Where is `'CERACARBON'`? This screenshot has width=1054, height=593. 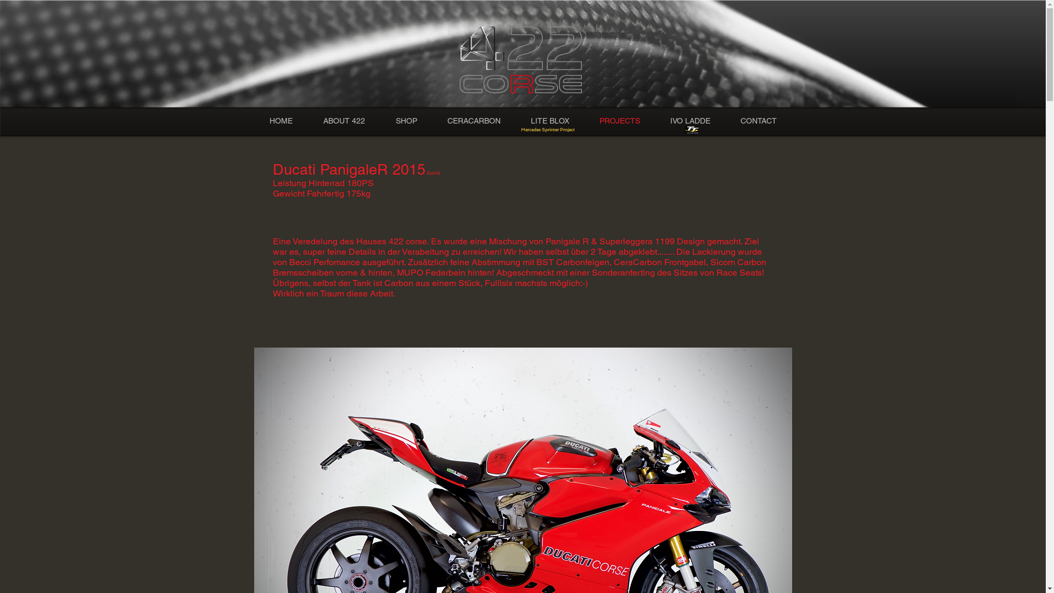
'CERACARBON' is located at coordinates (474, 121).